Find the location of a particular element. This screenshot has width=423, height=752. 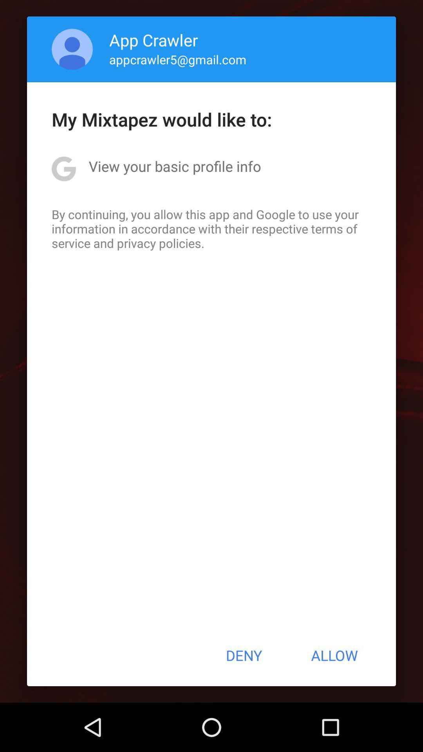

the item next to allow button is located at coordinates (243, 655).